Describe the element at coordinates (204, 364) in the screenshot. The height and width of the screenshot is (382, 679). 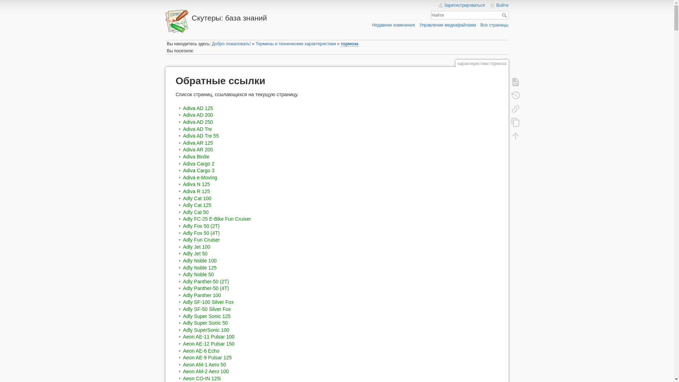
I see `'Aeon AM-1 Aero 50'` at that location.